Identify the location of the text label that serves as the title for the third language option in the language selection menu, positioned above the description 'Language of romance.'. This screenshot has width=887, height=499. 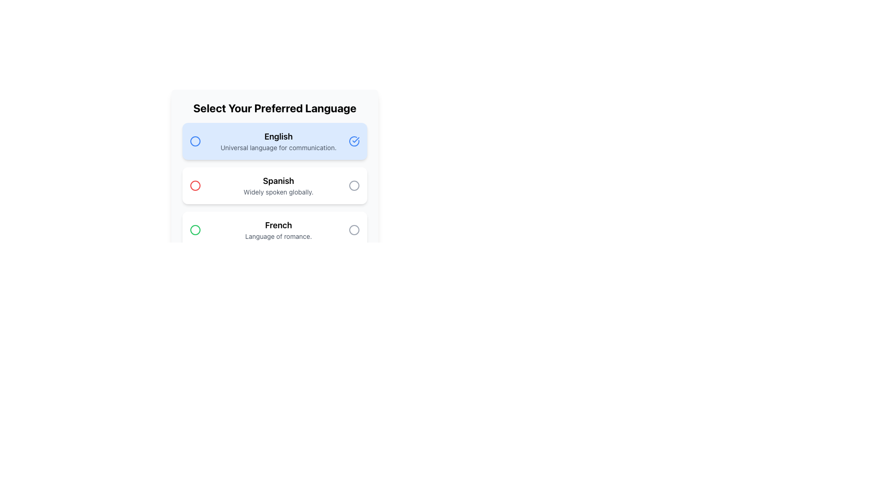
(278, 225).